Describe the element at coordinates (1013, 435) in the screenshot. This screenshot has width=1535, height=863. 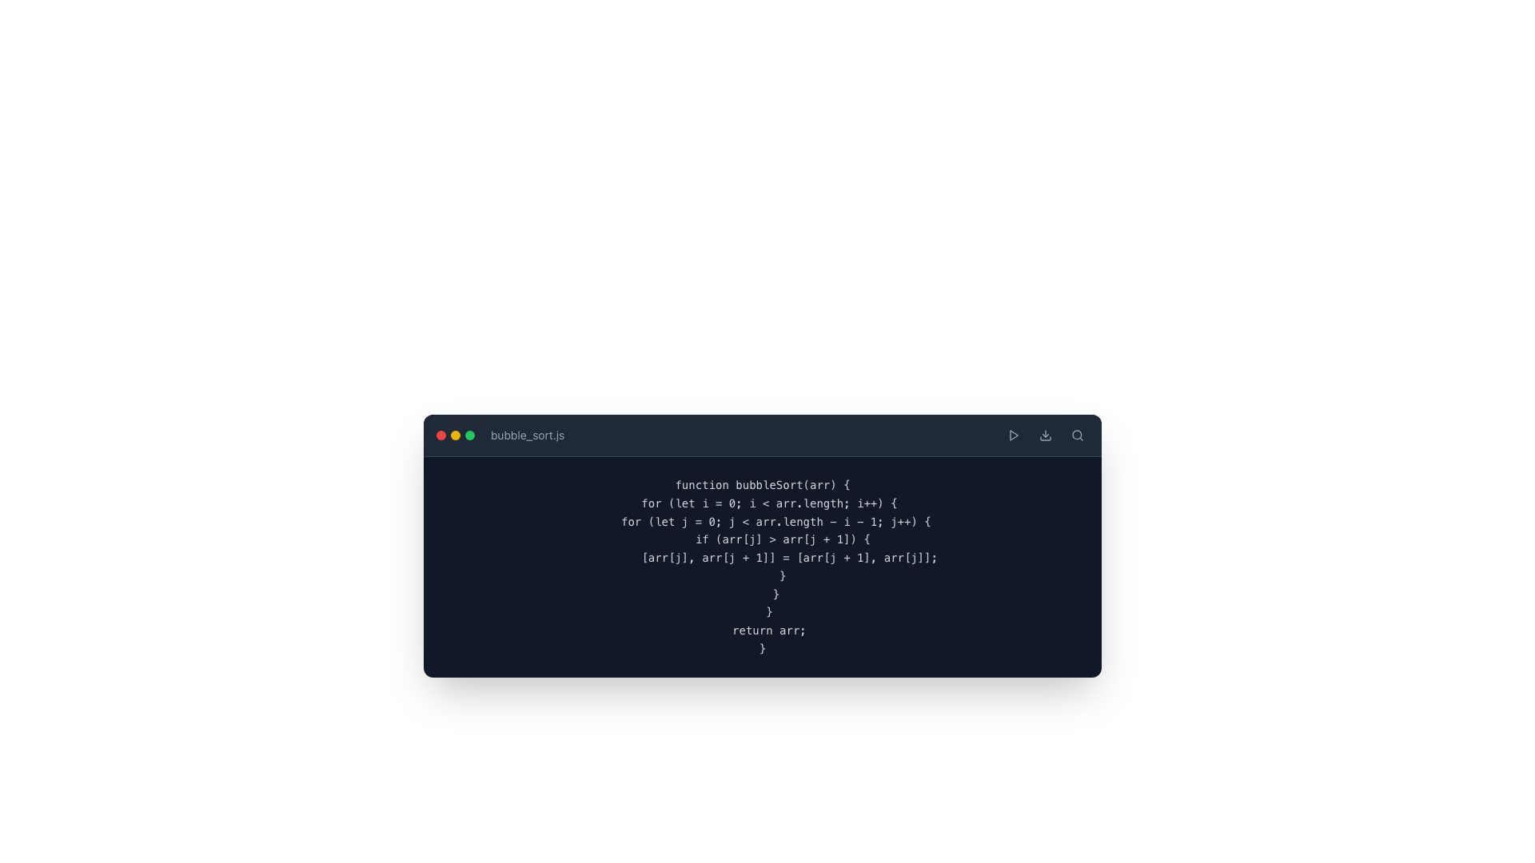
I see `the right-oriented triangular gray icon located centrally within the toolbar at the top right of the application interface` at that location.